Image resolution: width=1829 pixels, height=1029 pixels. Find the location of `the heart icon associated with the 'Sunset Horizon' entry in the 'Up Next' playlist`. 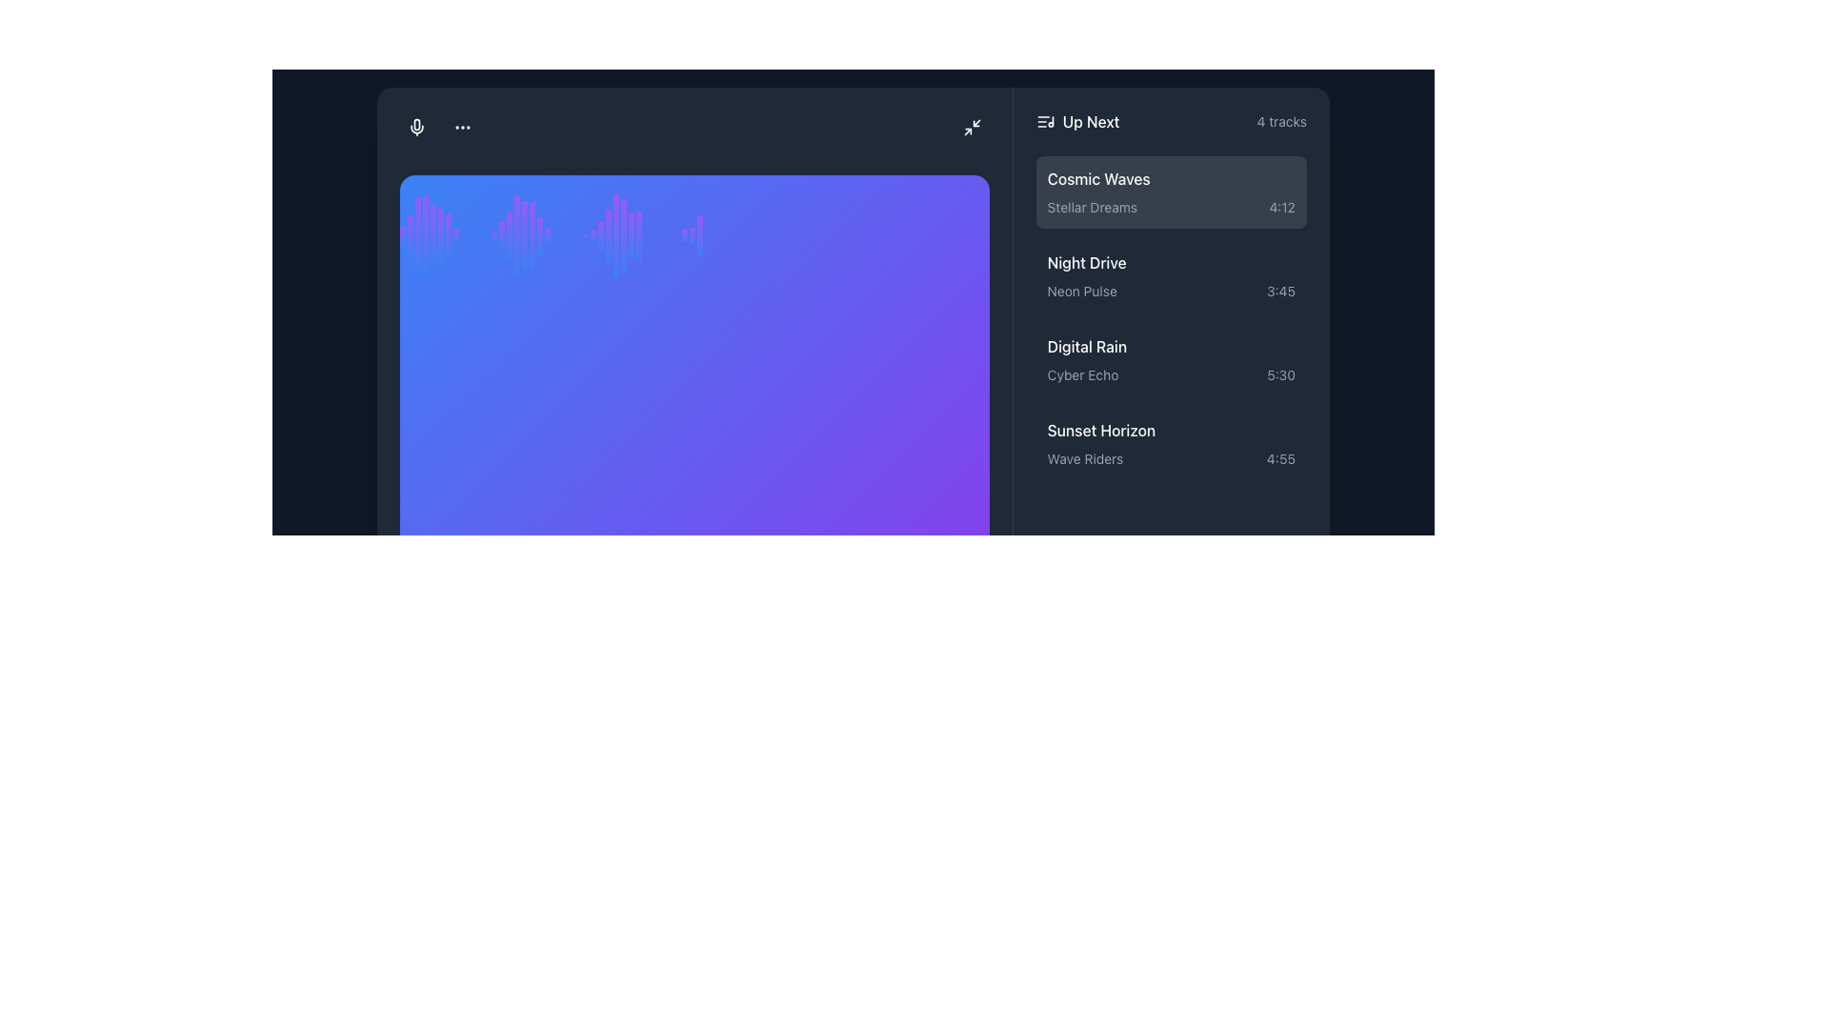

the heart icon associated with the 'Sunset Horizon' entry in the 'Up Next' playlist is located at coordinates (1284, 430).